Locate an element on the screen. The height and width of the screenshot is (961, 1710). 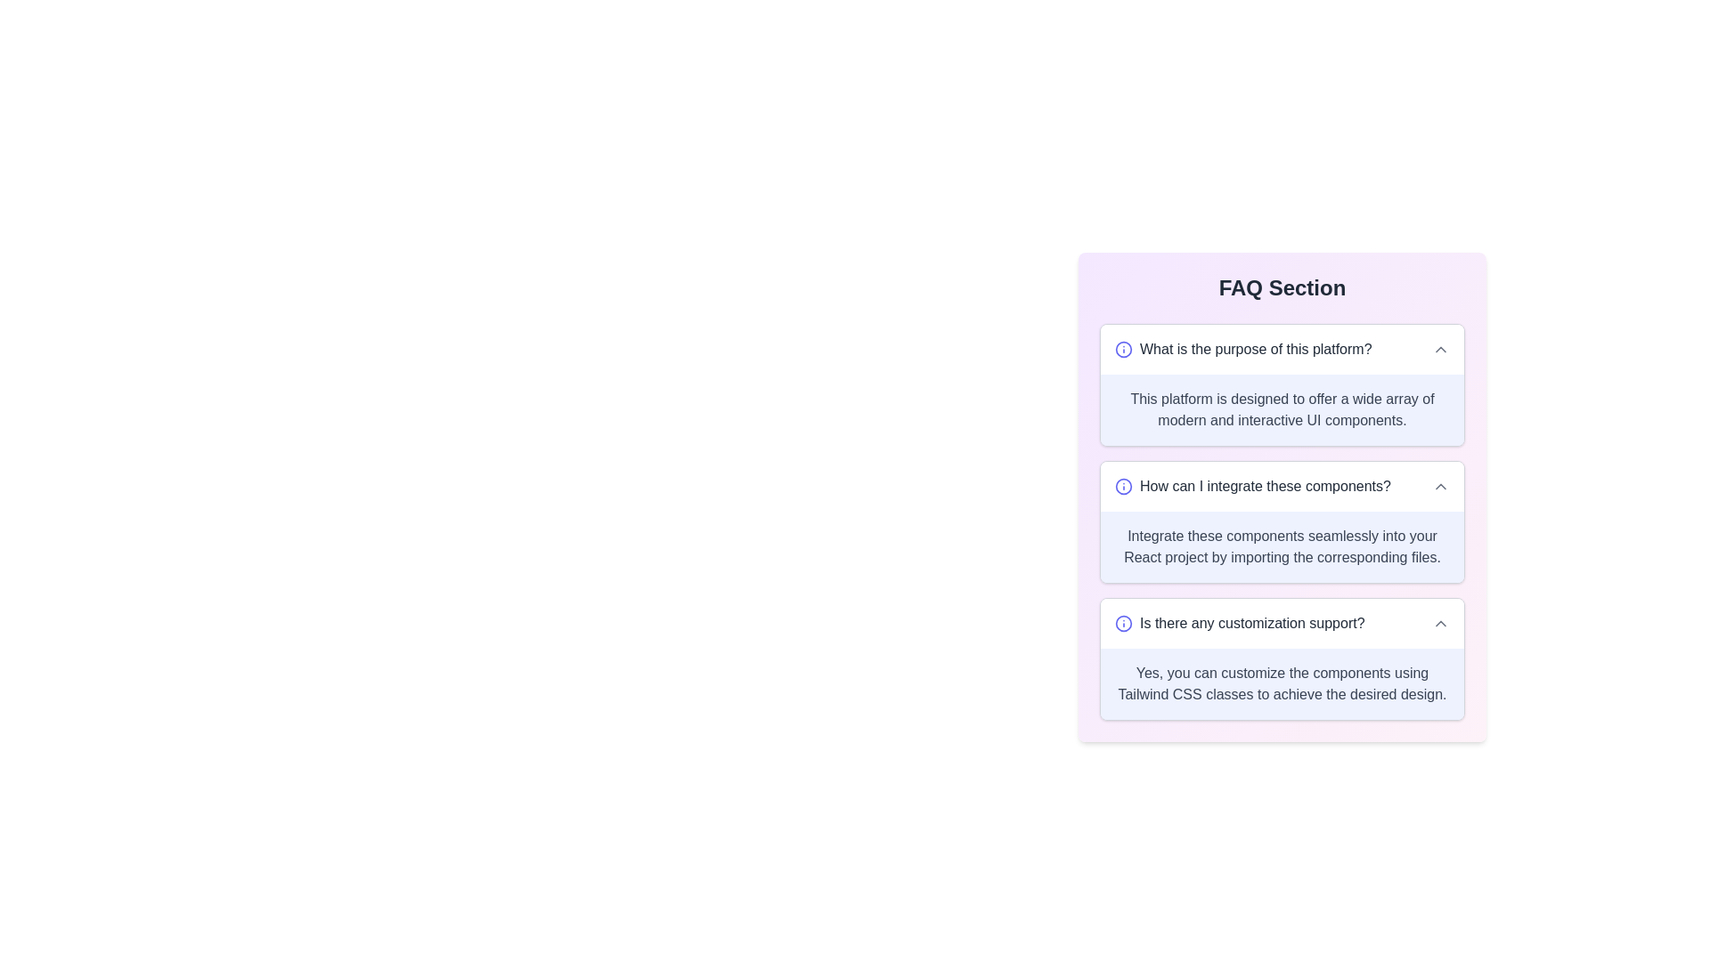
the text element that reads 'How can I integrate these components?' which is the second question in the FAQ section, accompanied by an information icon on the left is located at coordinates (1251, 487).